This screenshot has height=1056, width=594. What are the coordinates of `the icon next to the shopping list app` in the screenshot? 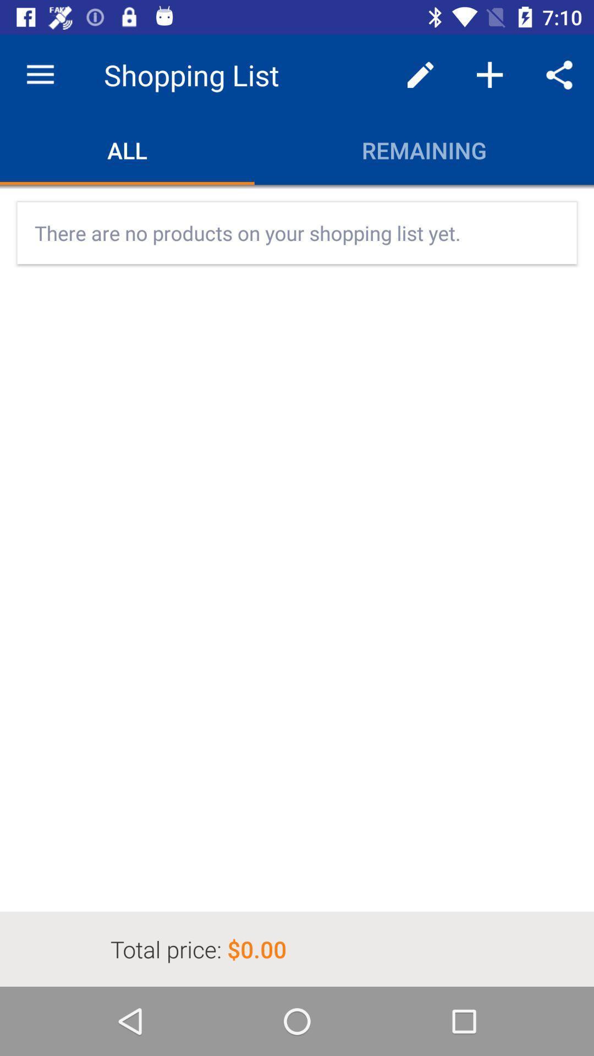 It's located at (40, 74).